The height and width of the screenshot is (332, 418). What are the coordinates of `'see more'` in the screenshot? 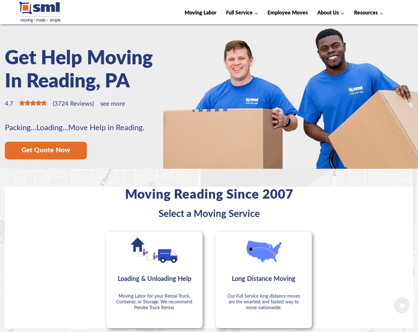 It's located at (100, 103).